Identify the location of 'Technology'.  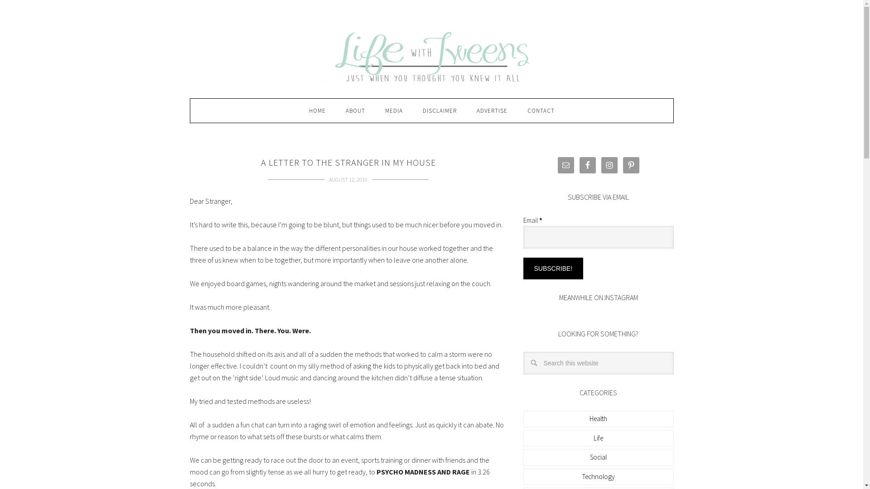
(598, 475).